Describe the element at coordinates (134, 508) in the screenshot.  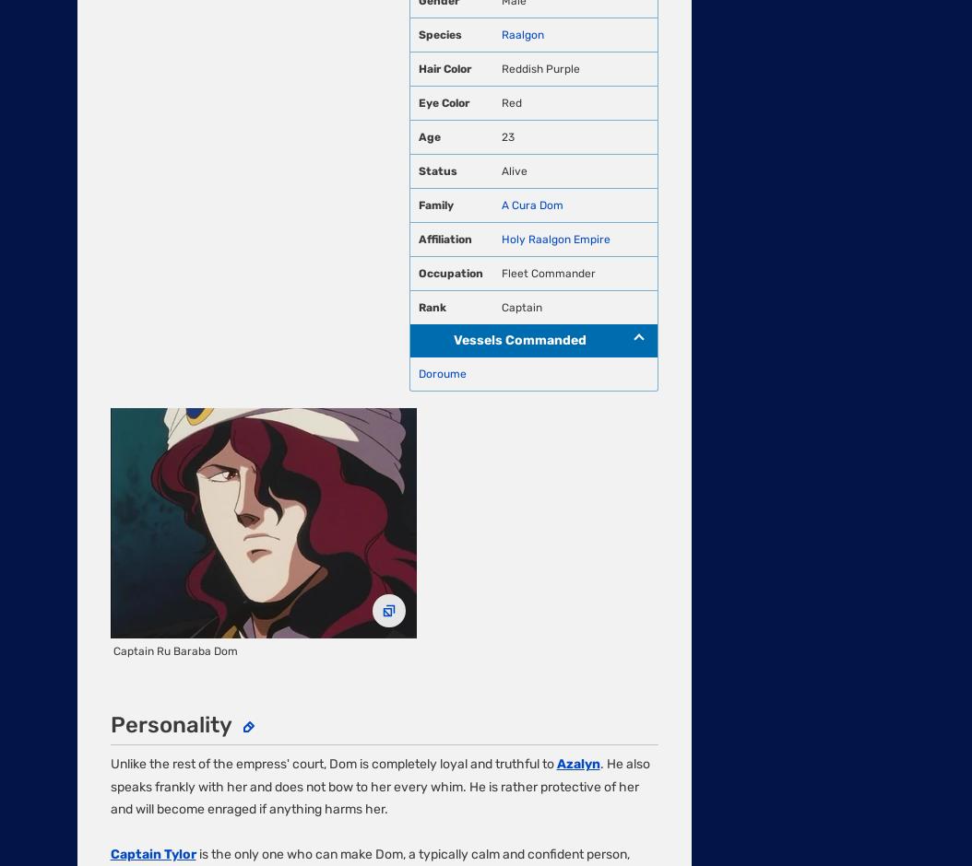
I see `'Community Central'` at that location.